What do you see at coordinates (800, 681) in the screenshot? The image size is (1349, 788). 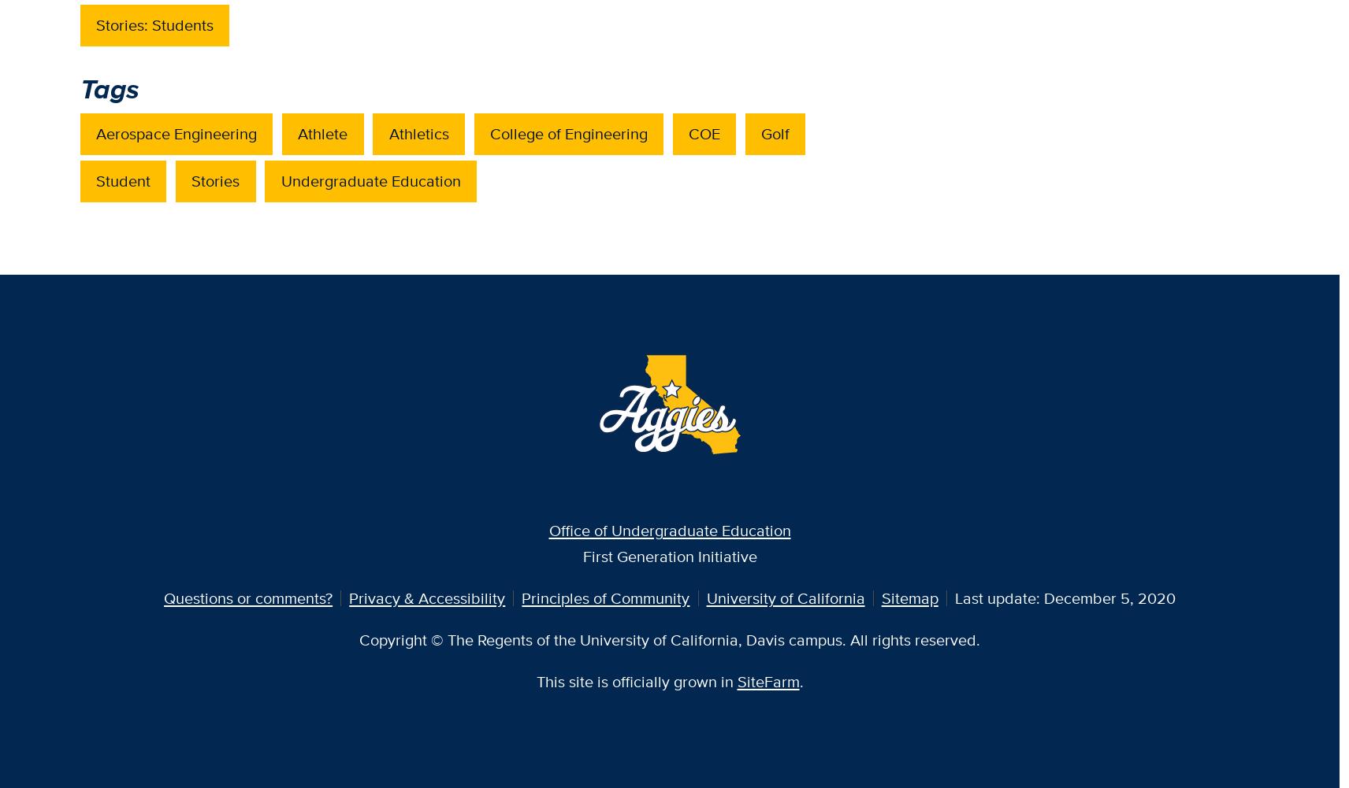 I see `'.'` at bounding box center [800, 681].